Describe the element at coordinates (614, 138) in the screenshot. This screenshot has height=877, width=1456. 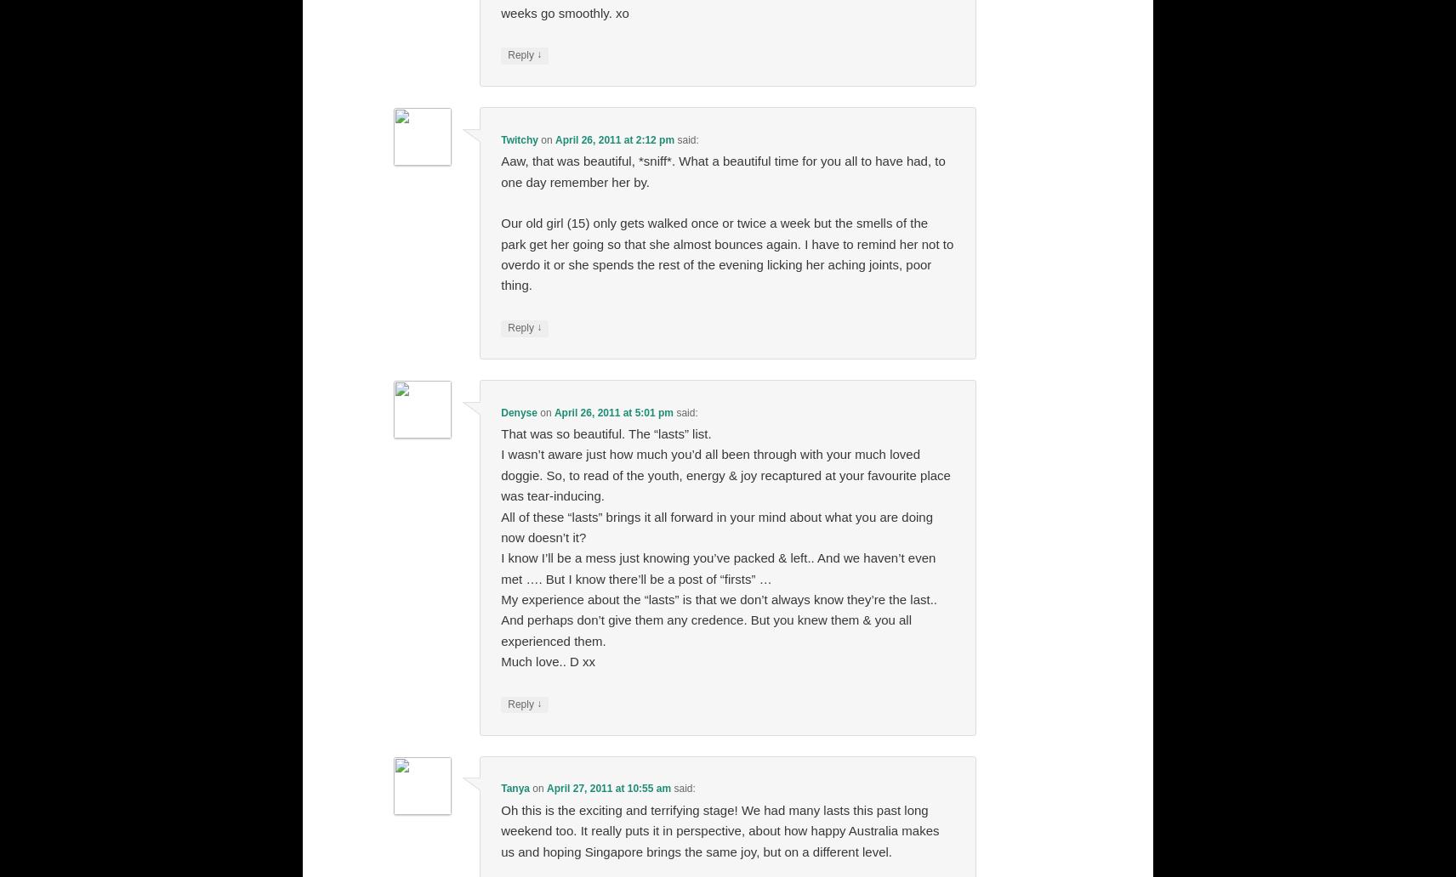
I see `'April 26, 2011 at 2:12 pm'` at that location.